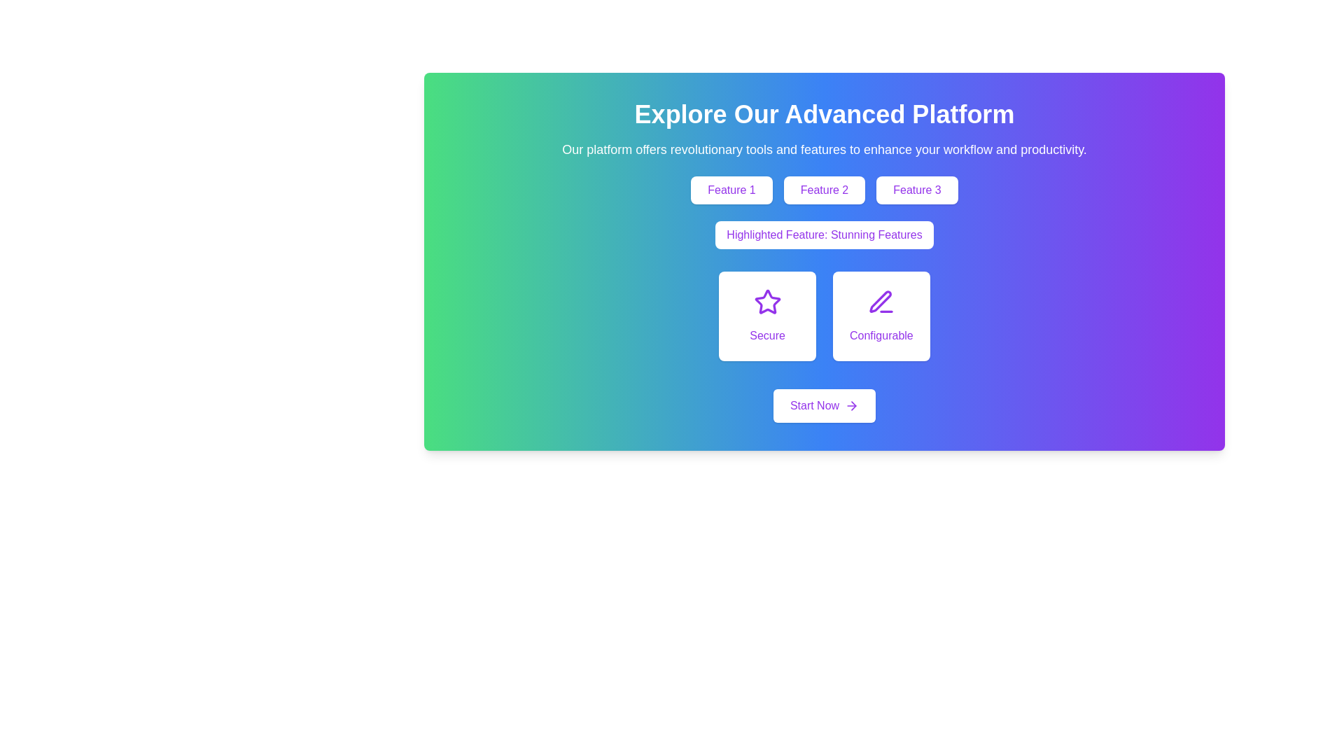  What do you see at coordinates (766, 301) in the screenshot?
I see `the 'Secure' icon located at the center of the card labeled 'Secure', which is situated to the left of the 'Configurable' card in the second row of feature cards` at bounding box center [766, 301].